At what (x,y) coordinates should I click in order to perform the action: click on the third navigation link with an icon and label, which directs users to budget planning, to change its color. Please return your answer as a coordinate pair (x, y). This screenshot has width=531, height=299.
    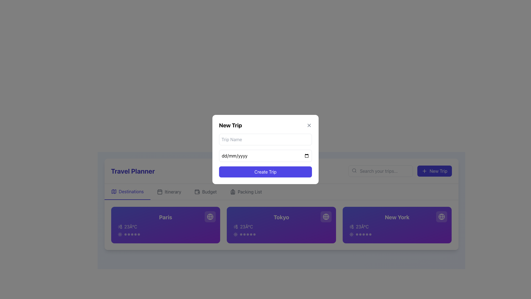
    Looking at the image, I should click on (205, 192).